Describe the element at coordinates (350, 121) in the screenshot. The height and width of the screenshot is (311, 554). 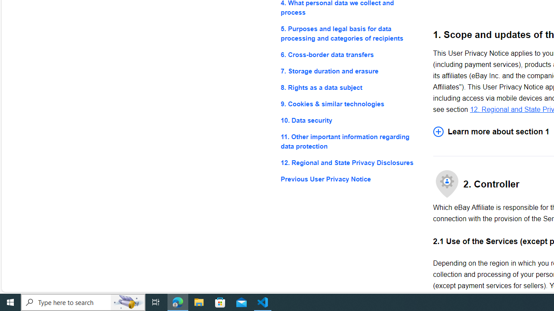
I see `'10. Data security'` at that location.